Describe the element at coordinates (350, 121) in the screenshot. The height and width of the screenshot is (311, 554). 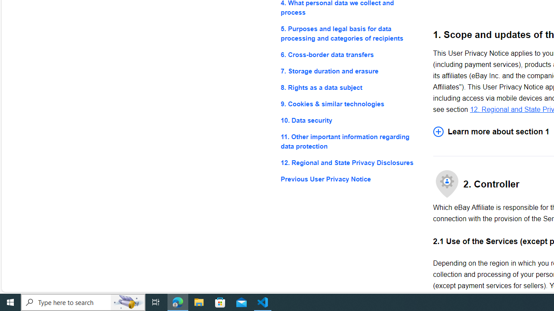
I see `'10. Data security'` at that location.